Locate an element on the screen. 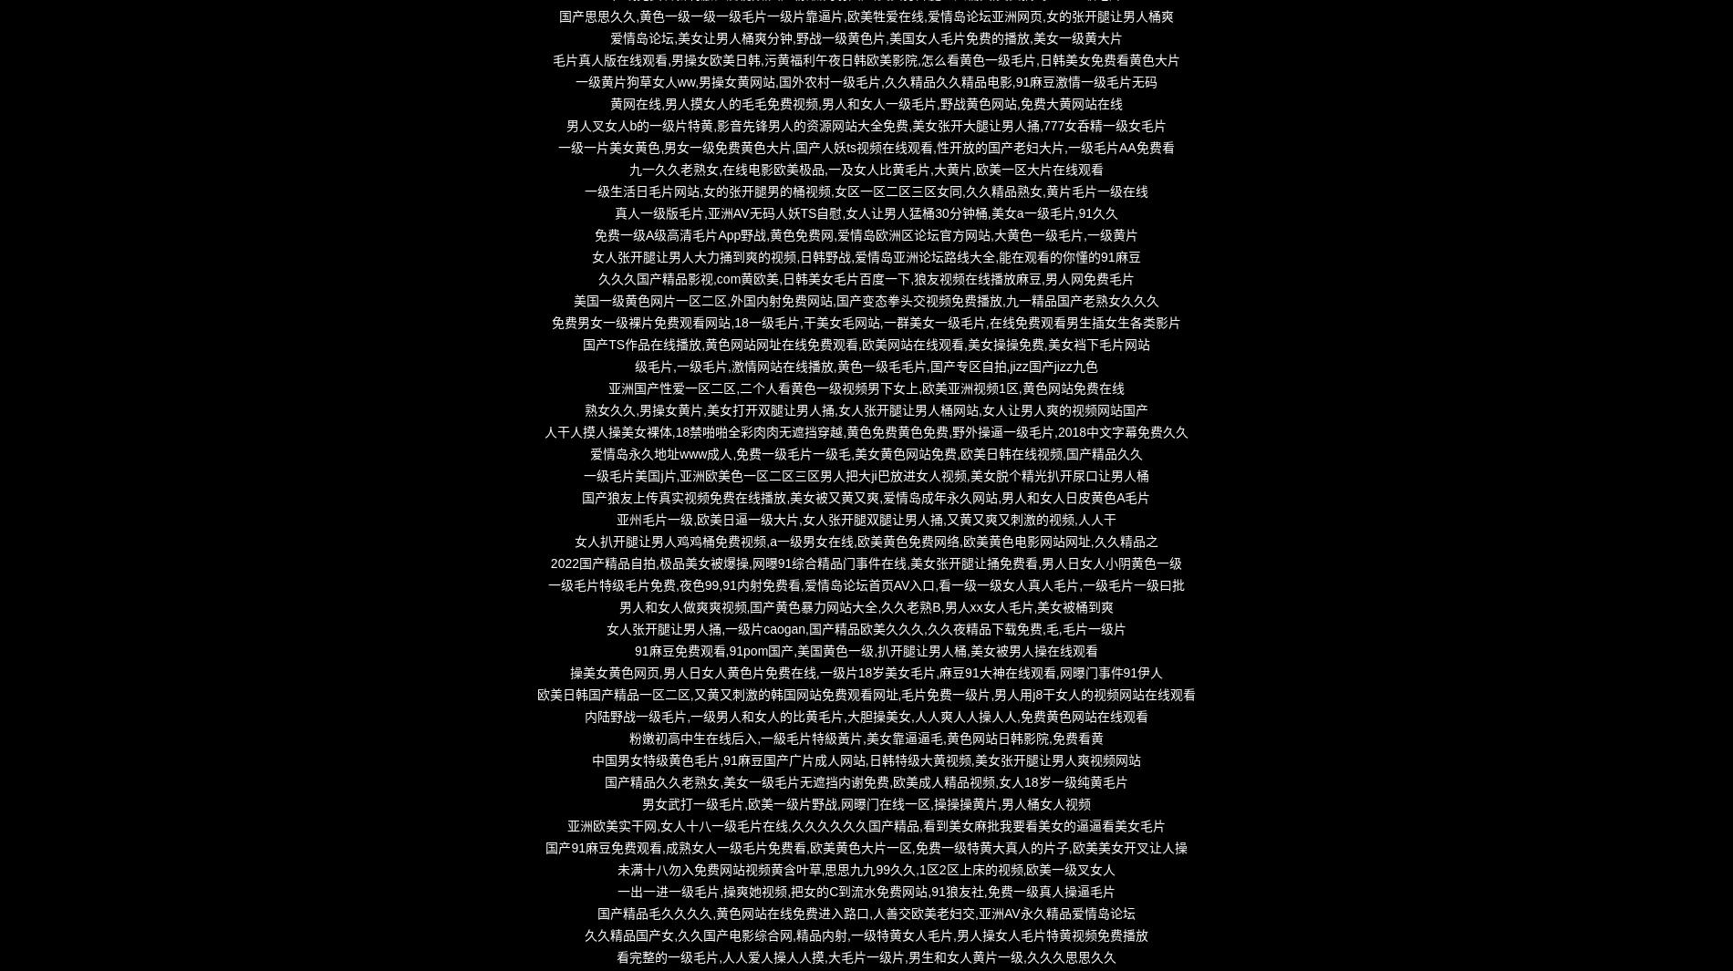 Image resolution: width=1733 pixels, height=971 pixels. '爱情岛论坛,美女让男人桶爽分钟,野战一级黄色片,美国女人毛片免费的播放,美女一级黄大片' is located at coordinates (609, 36).